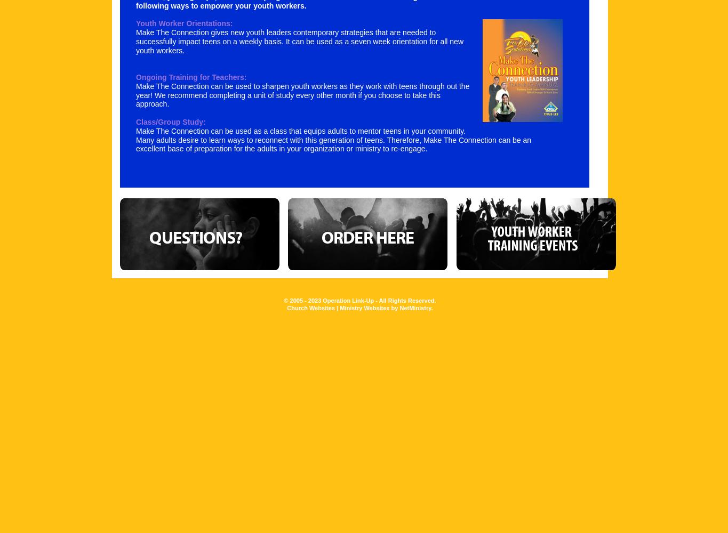 This screenshot has width=728, height=533. What do you see at coordinates (431, 307) in the screenshot?
I see `'.'` at bounding box center [431, 307].